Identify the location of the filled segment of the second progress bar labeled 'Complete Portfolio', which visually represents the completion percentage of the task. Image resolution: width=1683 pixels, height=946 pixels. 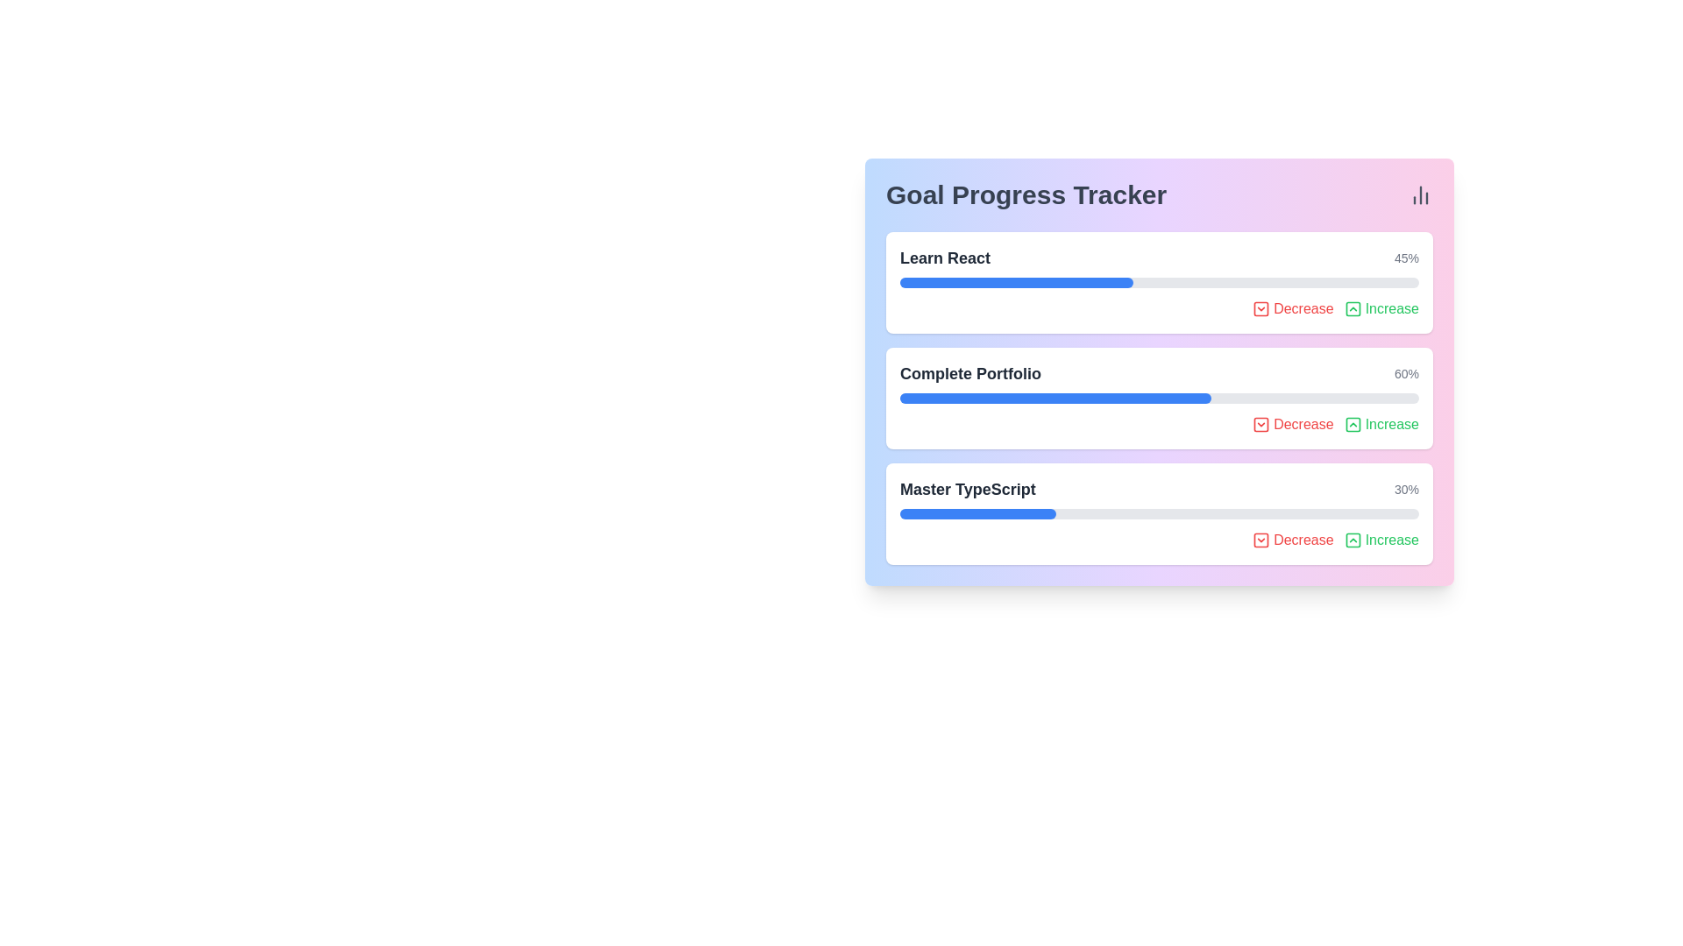
(1055, 399).